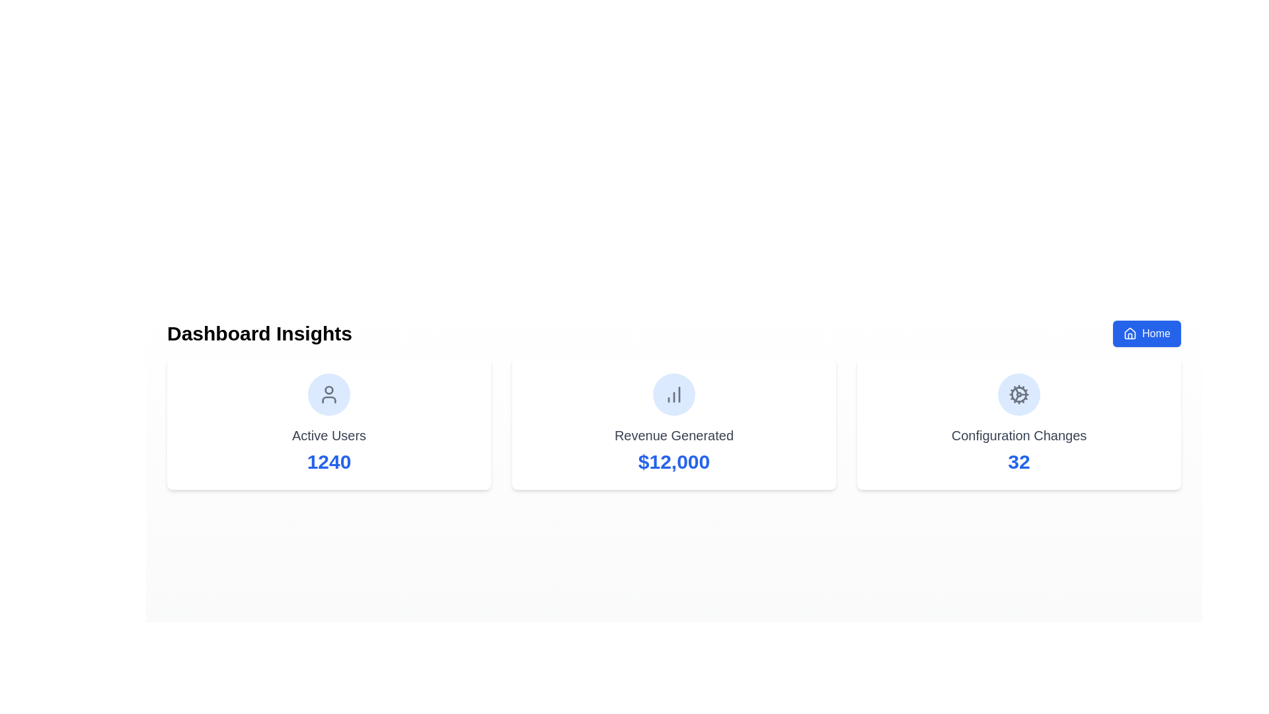 Image resolution: width=1269 pixels, height=714 pixels. What do you see at coordinates (329, 394) in the screenshot?
I see `the circular blue background enclosing the gray 'user' icon, which is located in the first card above the text 'Active Users'` at bounding box center [329, 394].